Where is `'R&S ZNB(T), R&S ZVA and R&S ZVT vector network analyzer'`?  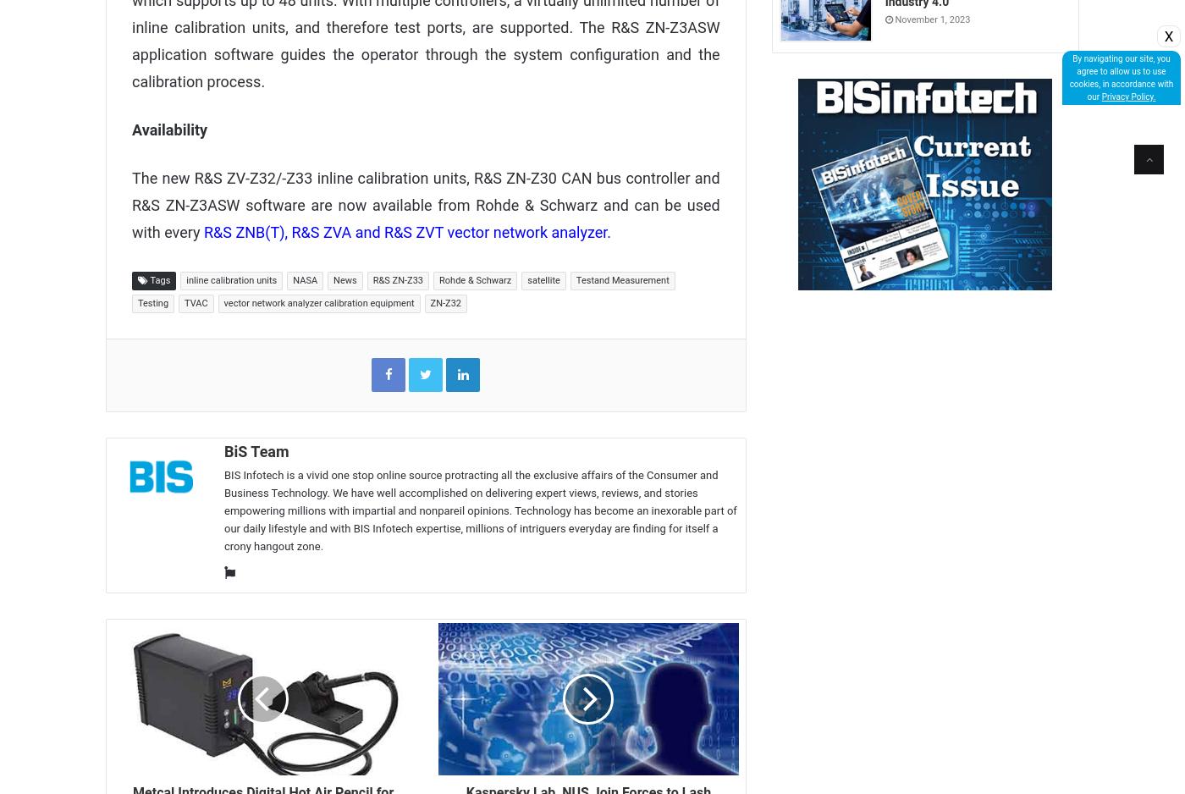 'R&S ZNB(T), R&S ZVA and R&S ZVT vector network analyzer' is located at coordinates (405, 231).